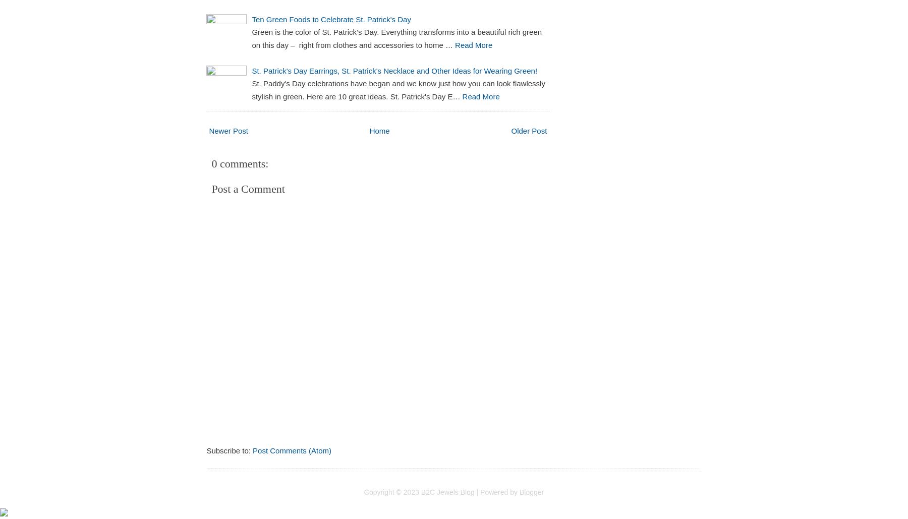 The height and width of the screenshot is (519, 908). Describe the element at coordinates (206, 450) in the screenshot. I see `'Subscribe to:'` at that location.